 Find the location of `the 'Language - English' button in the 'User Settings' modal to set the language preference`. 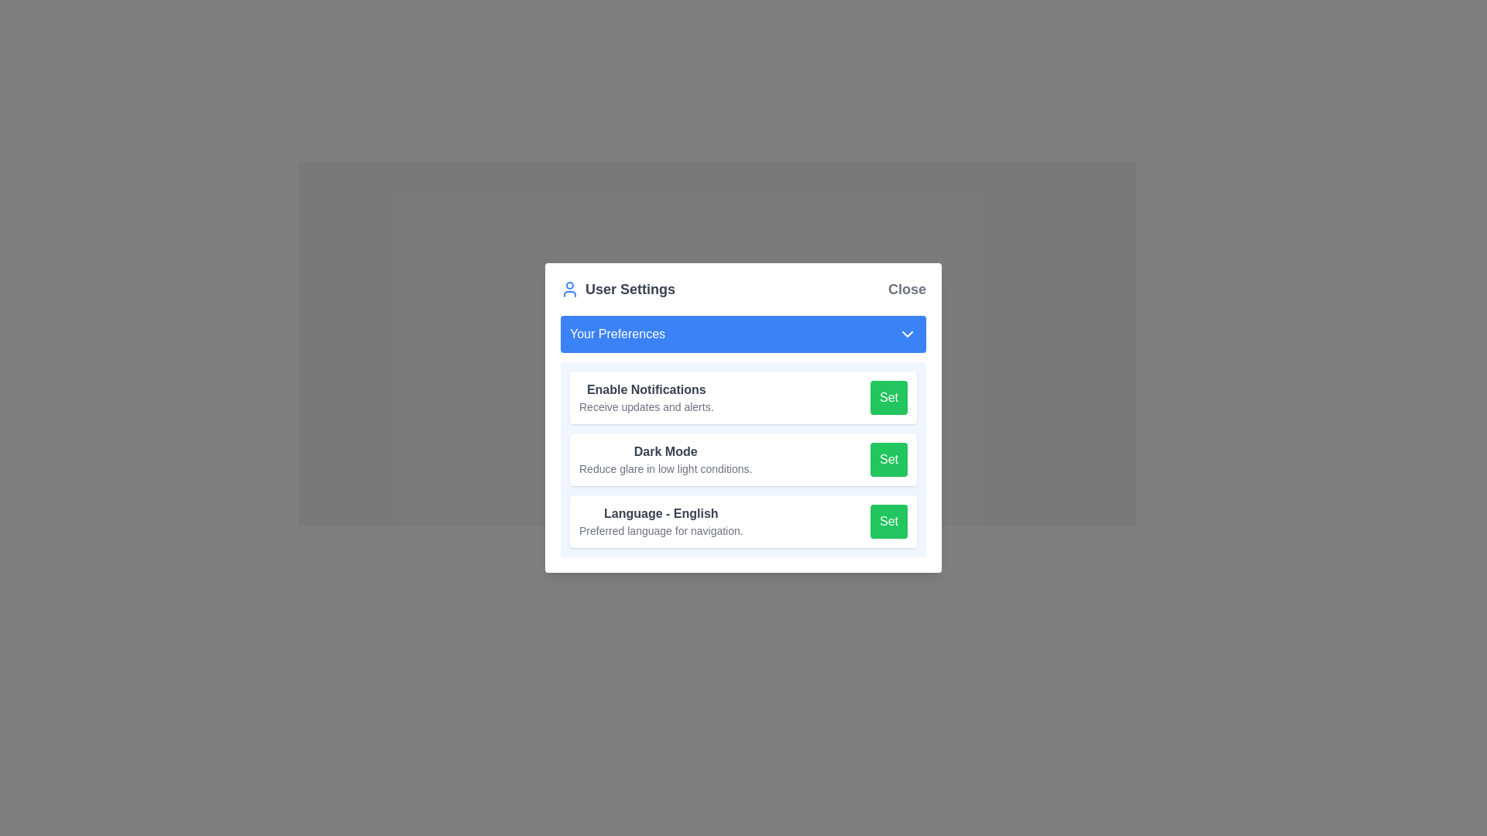

the 'Language - English' button in the 'User Settings' modal to set the language preference is located at coordinates (888, 522).